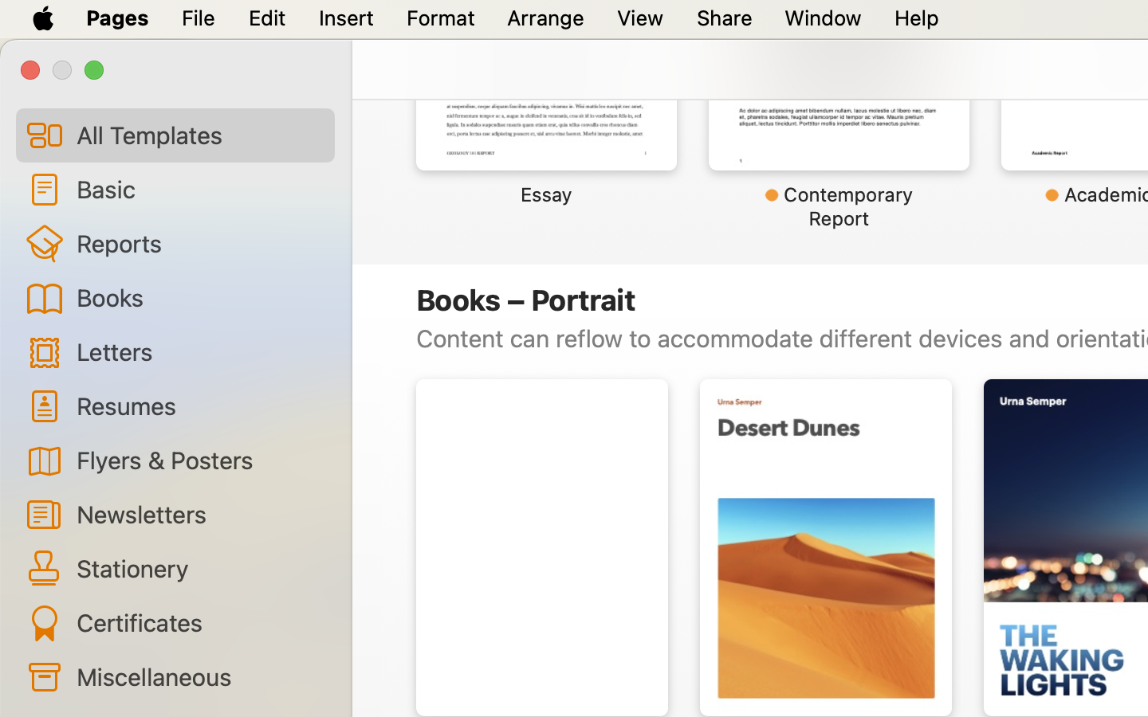 The image size is (1148, 717). What do you see at coordinates (198, 187) in the screenshot?
I see `'Basic'` at bounding box center [198, 187].